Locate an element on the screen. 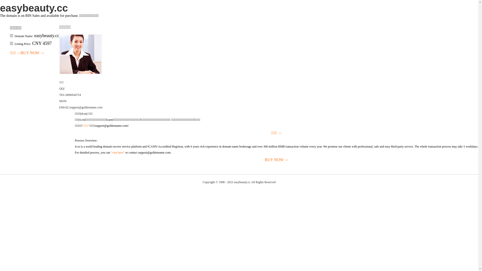 Image resolution: width=482 pixels, height=271 pixels. 'BUY NOW>>' is located at coordinates (74, 160).